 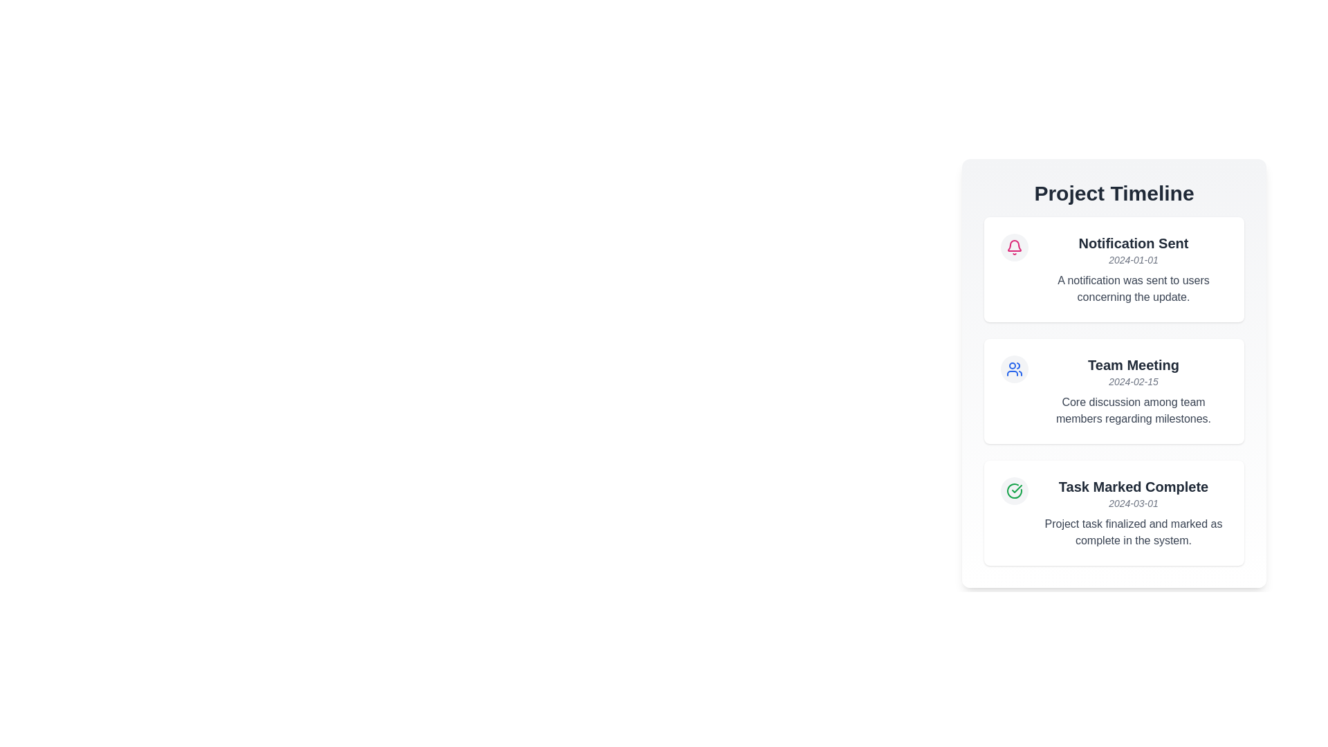 I want to click on the Text block with heading and description titled 'Task Marked Complete' for accessibility, so click(x=1133, y=513).